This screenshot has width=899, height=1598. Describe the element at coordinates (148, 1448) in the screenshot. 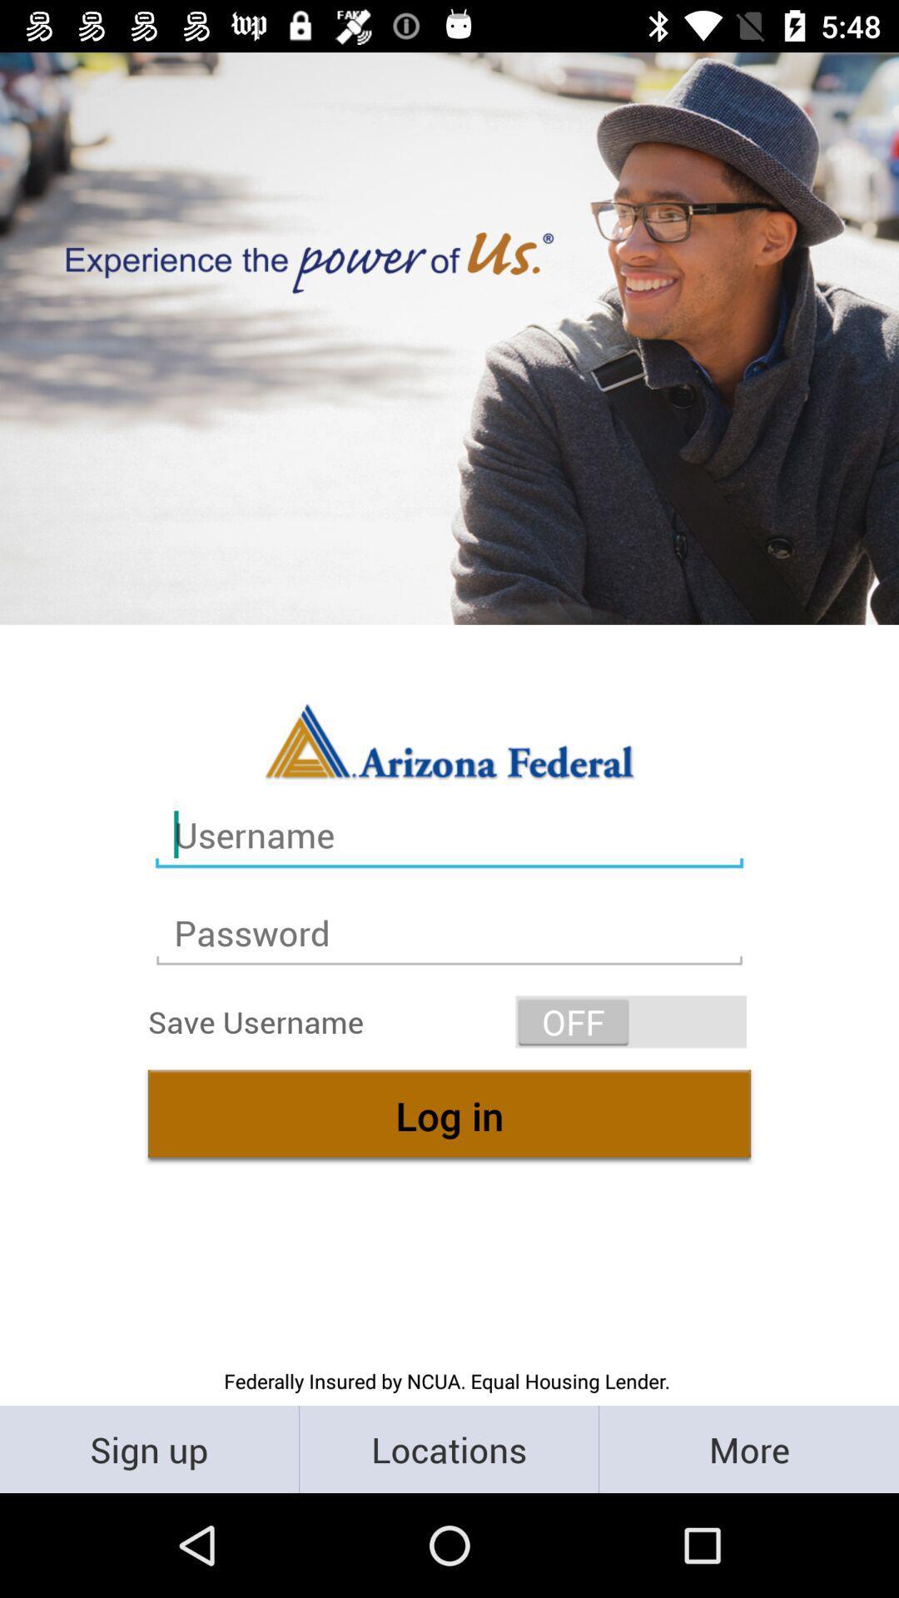

I see `the icon below federally insured by item` at that location.